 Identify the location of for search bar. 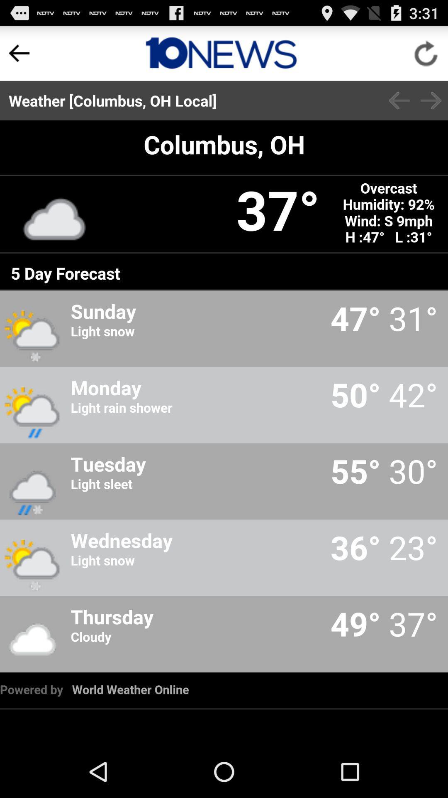
(221, 53).